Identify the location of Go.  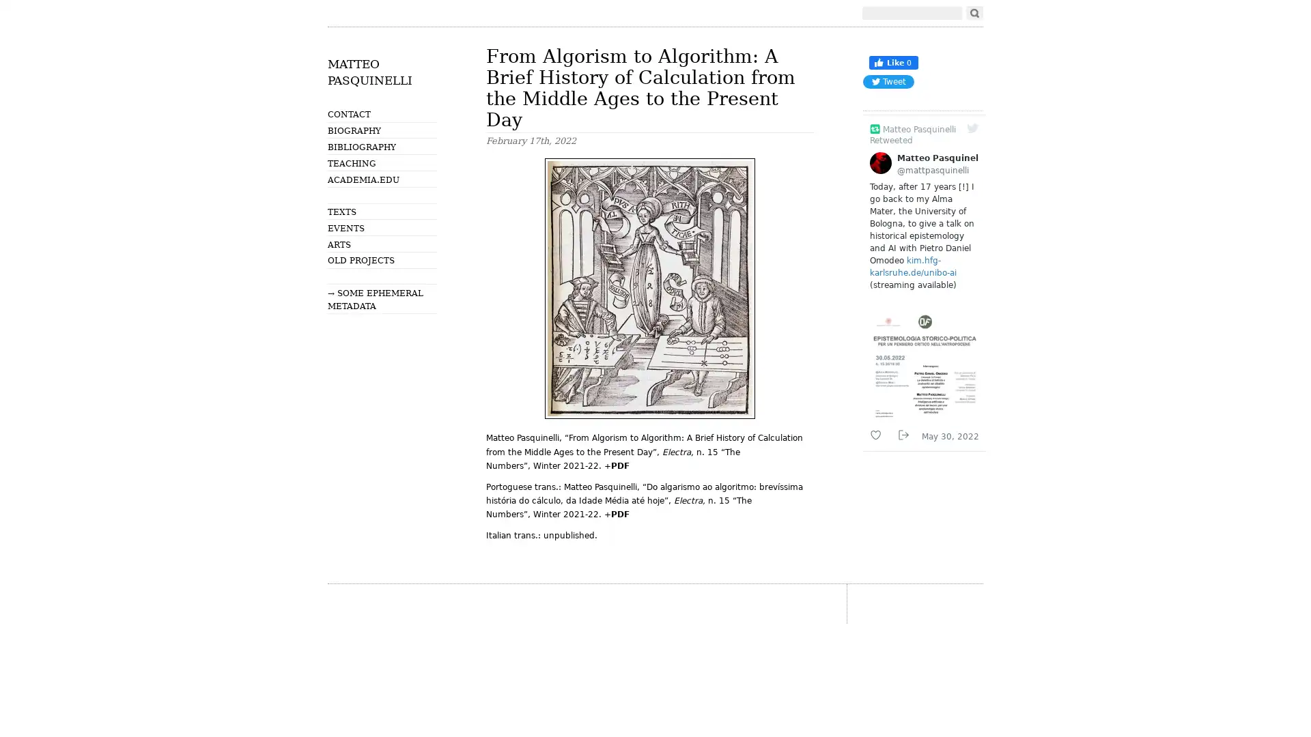
(974, 13).